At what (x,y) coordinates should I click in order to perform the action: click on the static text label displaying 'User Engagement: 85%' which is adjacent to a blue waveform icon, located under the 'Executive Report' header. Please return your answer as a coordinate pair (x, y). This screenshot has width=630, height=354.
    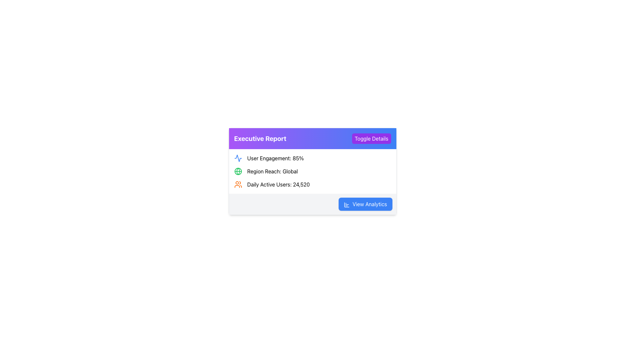
    Looking at the image, I should click on (275, 158).